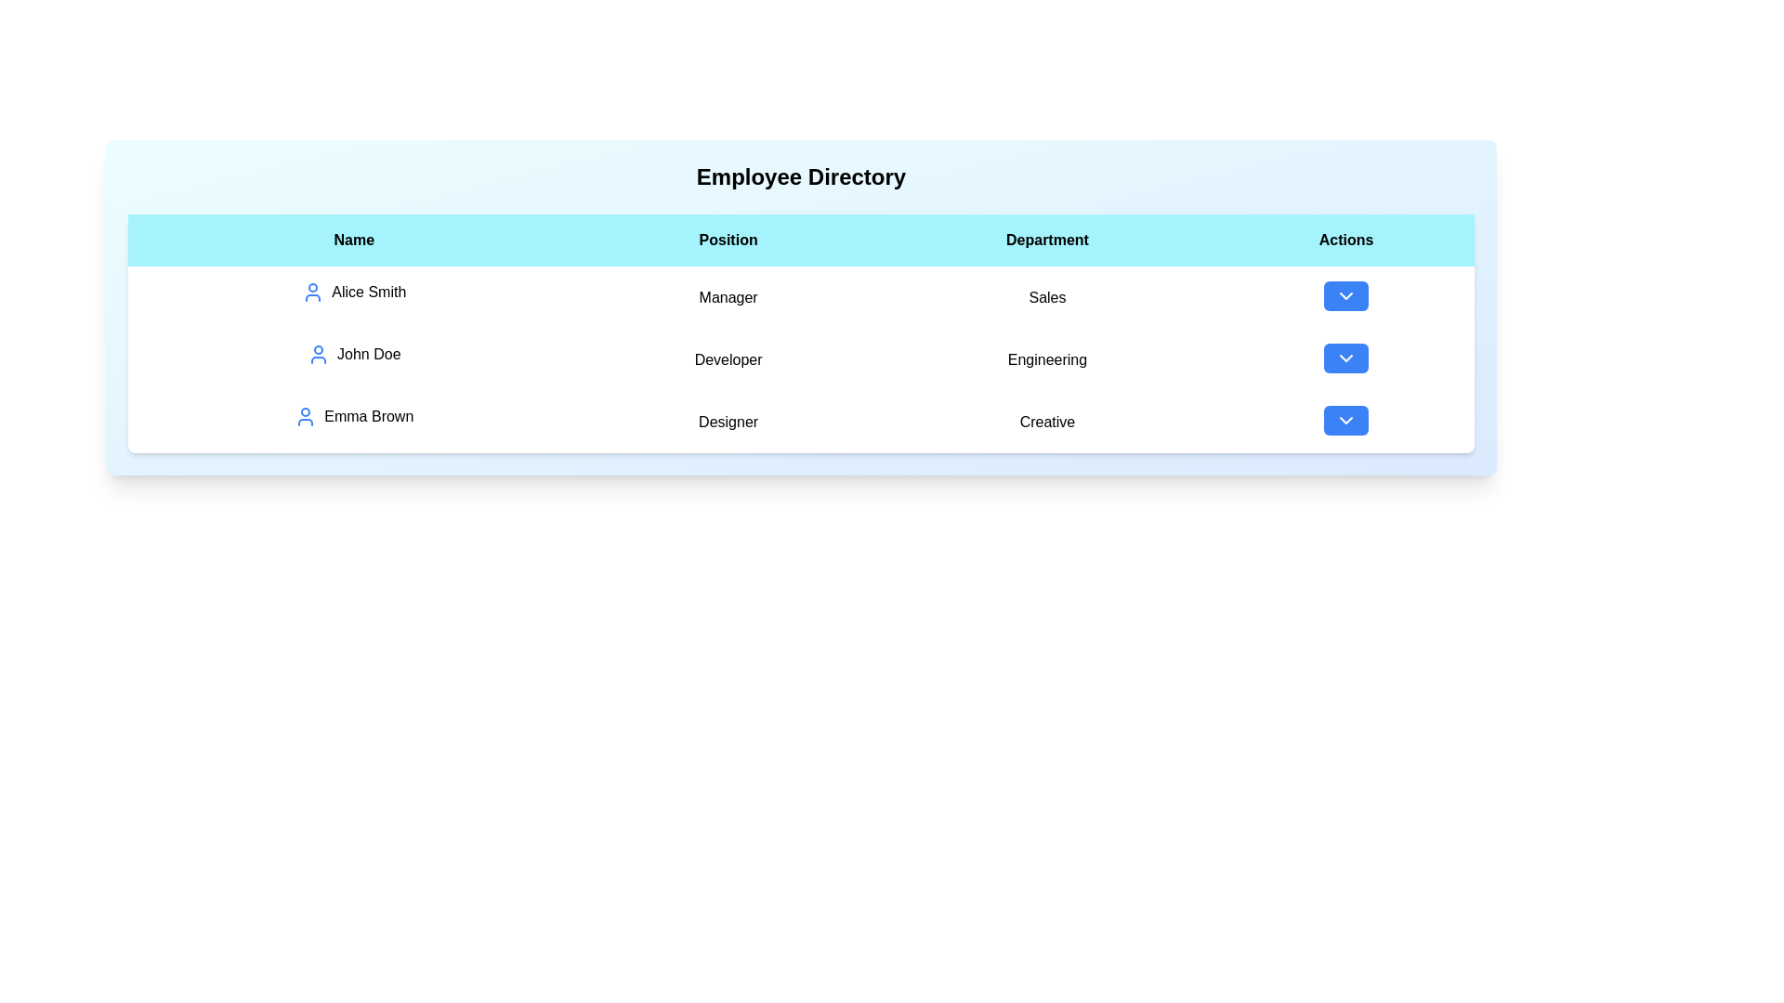 This screenshot has width=1784, height=1003. Describe the element at coordinates (1047, 359) in the screenshot. I see `text of the department label associated with 'John Doe' in the second row of the table under the 'Department' column` at that location.